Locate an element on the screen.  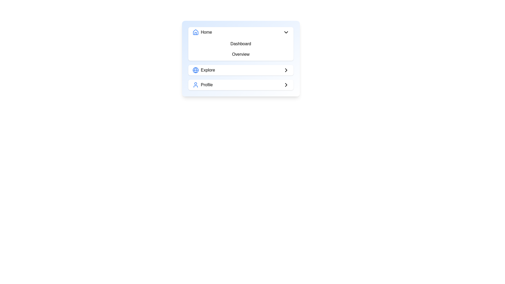
the navigation icon located to the far right of the 'Explore' section is located at coordinates (286, 70).